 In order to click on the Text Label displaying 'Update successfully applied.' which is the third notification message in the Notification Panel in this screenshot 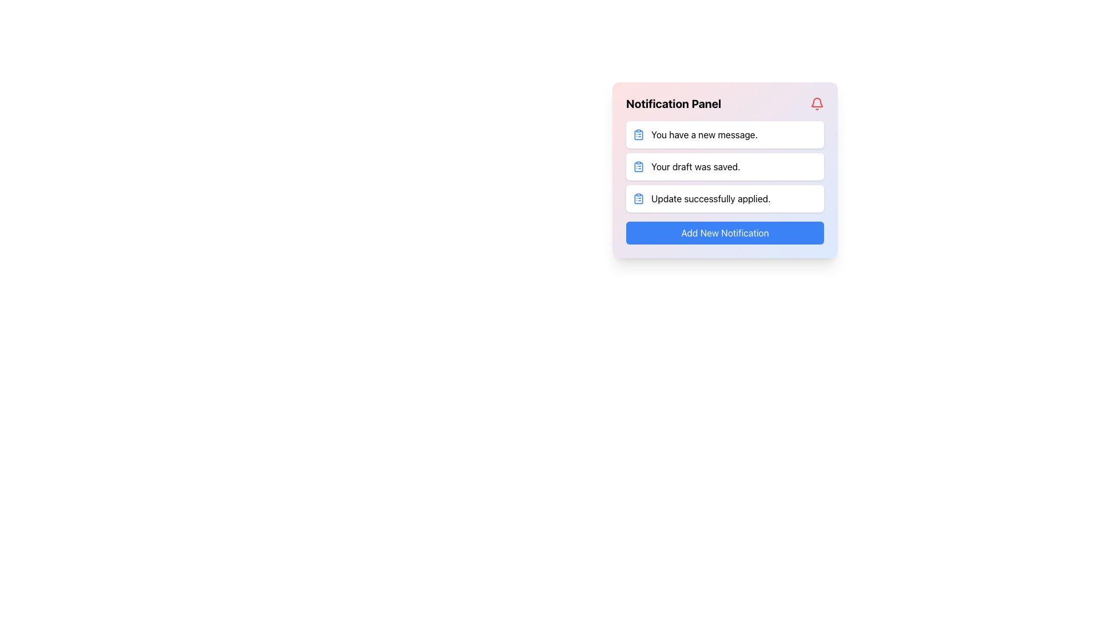, I will do `click(710, 198)`.